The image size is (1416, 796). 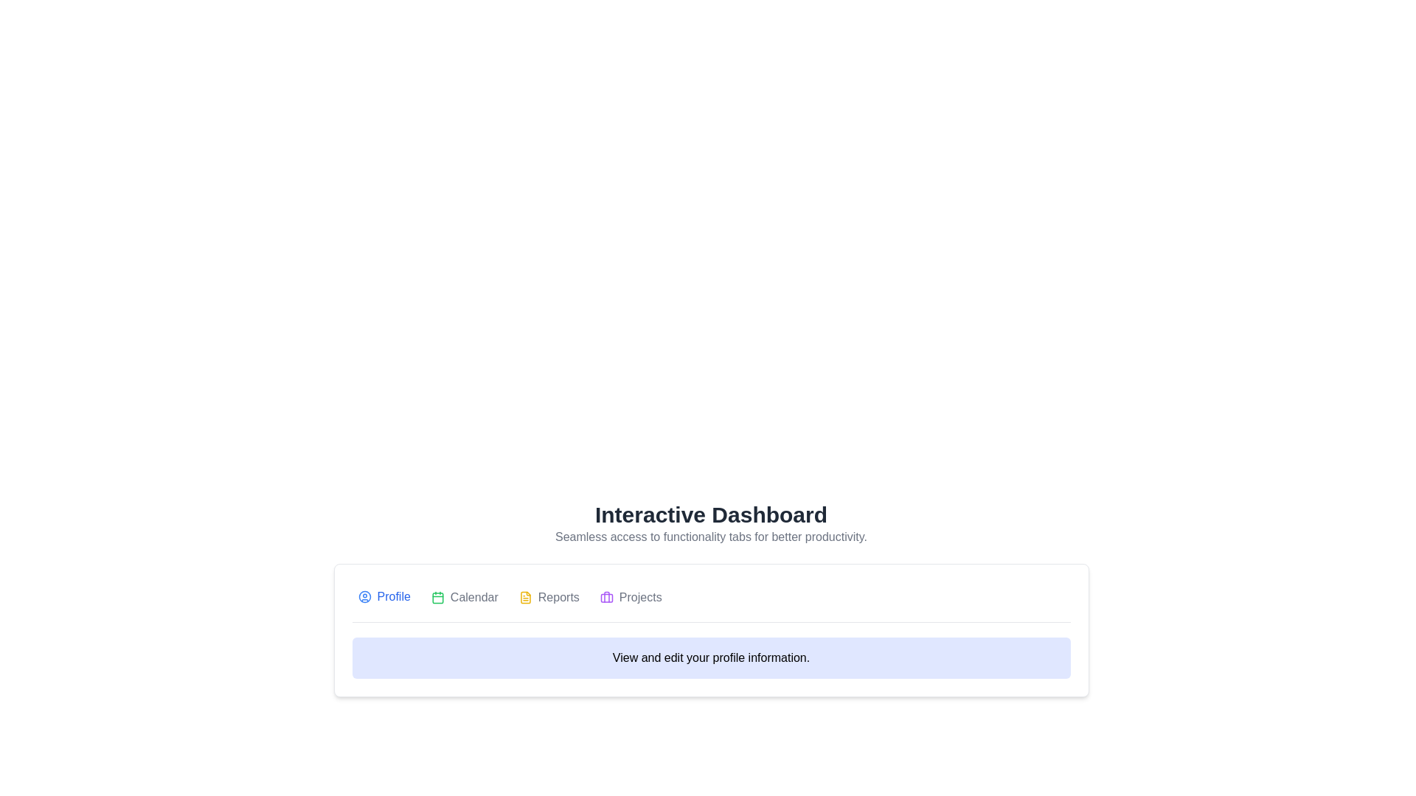 What do you see at coordinates (631, 597) in the screenshot?
I see `the 'Projects' tab in the navigation menu, which is styled with a purple briefcase icon and is the fourth item in the horizontal layout` at bounding box center [631, 597].